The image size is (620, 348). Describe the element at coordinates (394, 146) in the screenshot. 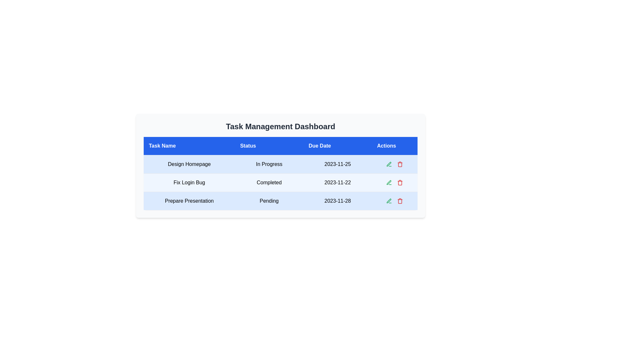

I see `the 'Actions' column header in the Task Management Dashboard, which is located on the rightmost side of the header row` at that location.